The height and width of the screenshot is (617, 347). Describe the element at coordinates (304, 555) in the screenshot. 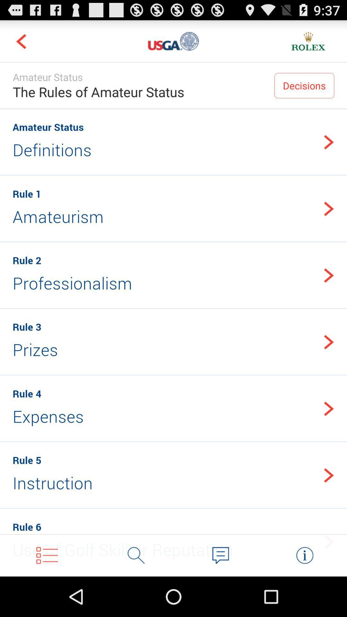

I see `more information` at that location.